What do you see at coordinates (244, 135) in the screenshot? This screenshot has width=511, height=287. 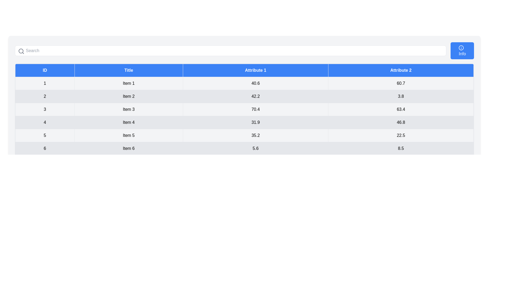 I see `the row corresponding to the ID 5 in the table` at bounding box center [244, 135].